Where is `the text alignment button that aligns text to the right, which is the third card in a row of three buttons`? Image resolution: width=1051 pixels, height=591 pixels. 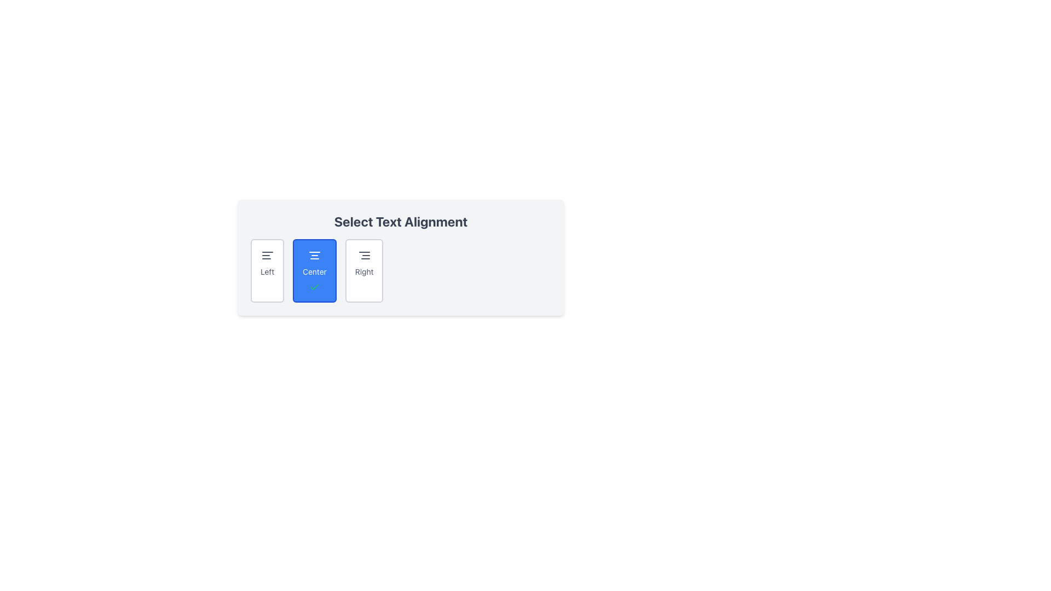
the text alignment button that aligns text to the right, which is the third card in a row of three buttons is located at coordinates (364, 270).